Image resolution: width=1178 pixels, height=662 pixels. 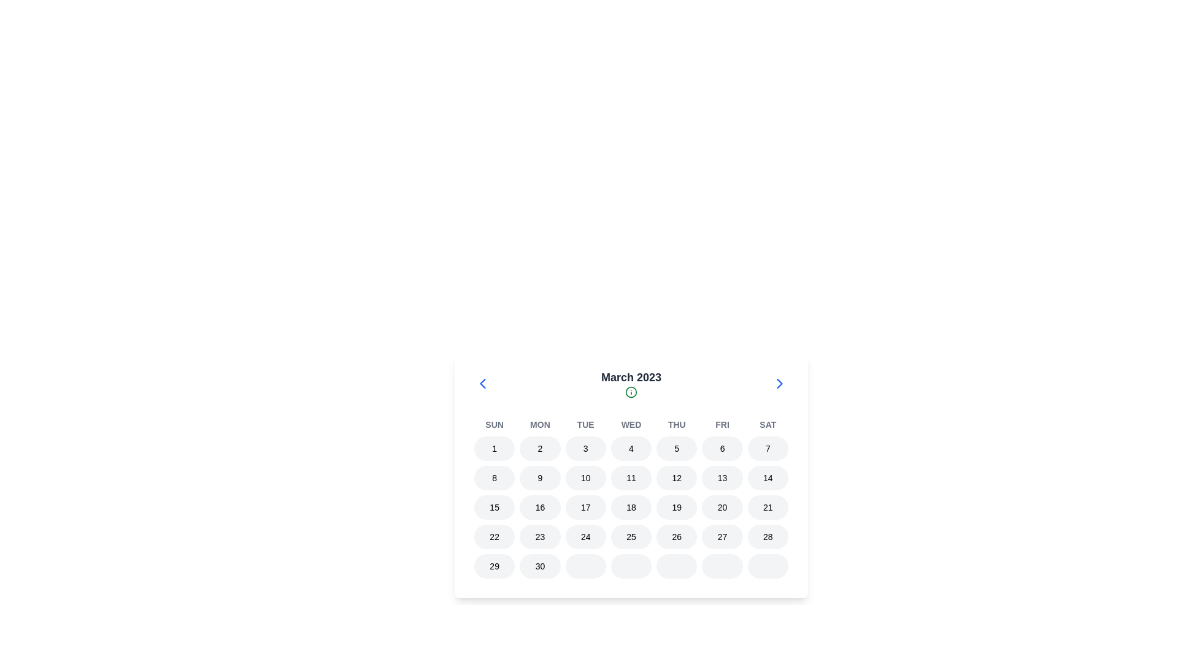 What do you see at coordinates (767, 508) in the screenshot?
I see `the calendar date button '21' located in the fourth row and seventh column of the calendar grid` at bounding box center [767, 508].